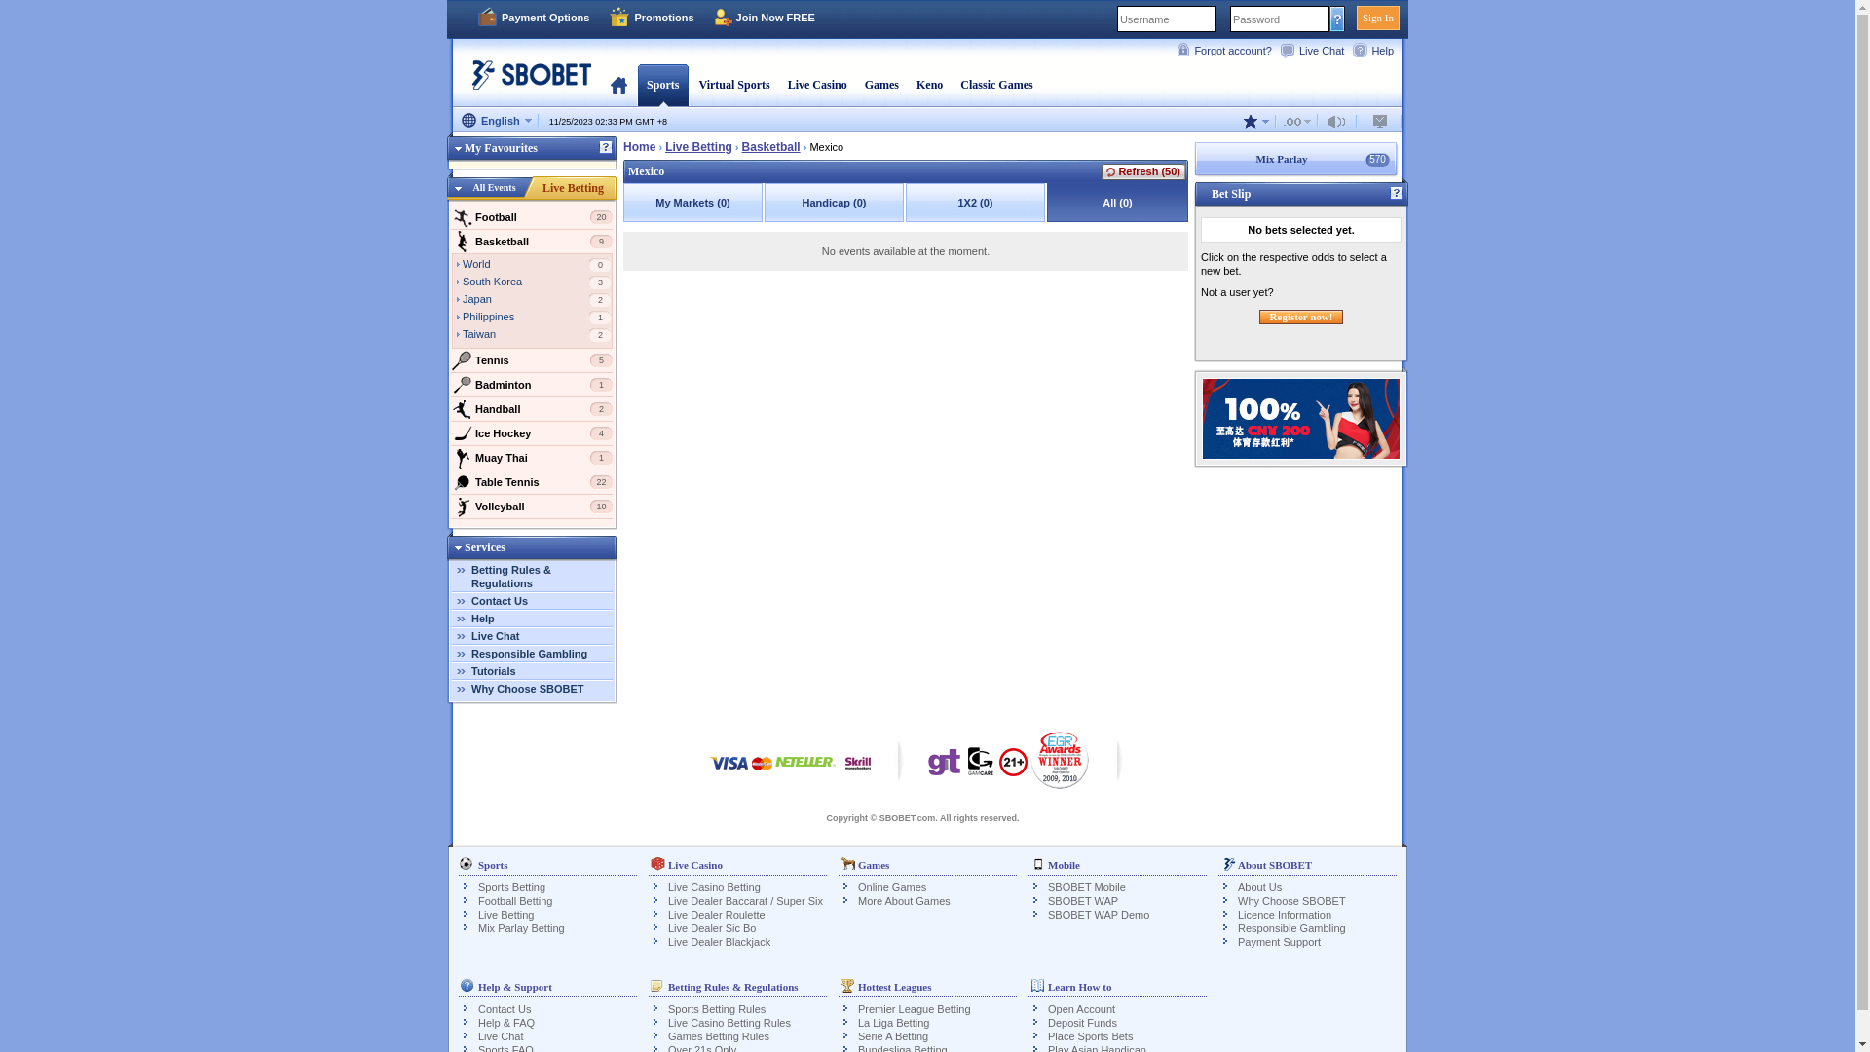  I want to click on 'Tutorials', so click(471, 670).